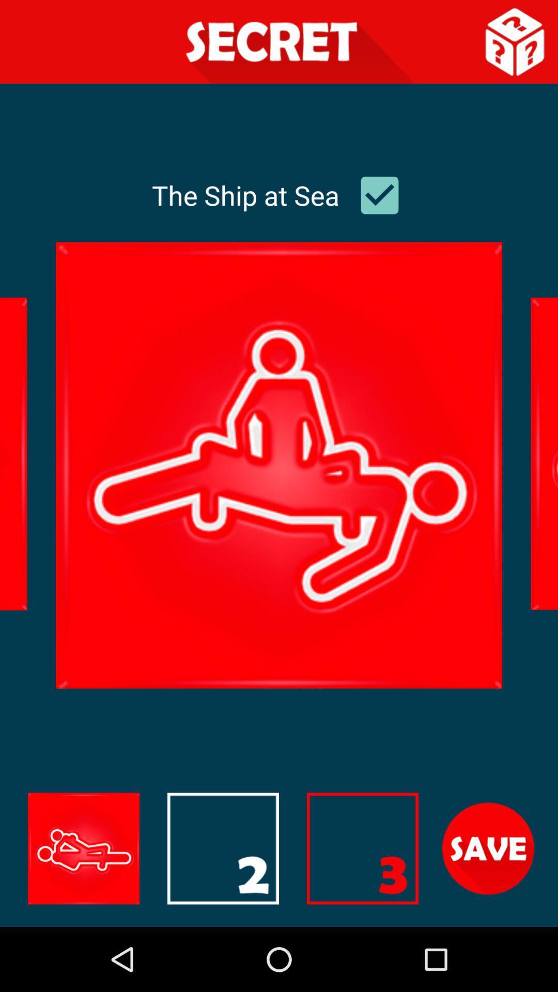  Describe the element at coordinates (362, 848) in the screenshot. I see `third image` at that location.